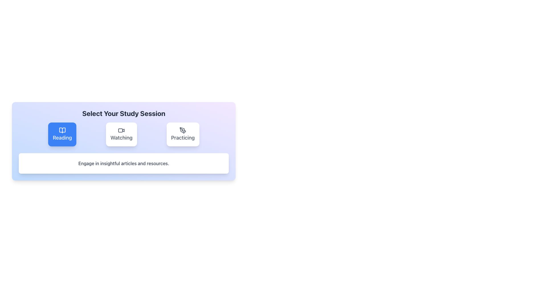  What do you see at coordinates (123, 113) in the screenshot?
I see `the static text element that reads 'Select Your Study Session', which is centered and bold in a large font size, located in a gradient background section` at bounding box center [123, 113].